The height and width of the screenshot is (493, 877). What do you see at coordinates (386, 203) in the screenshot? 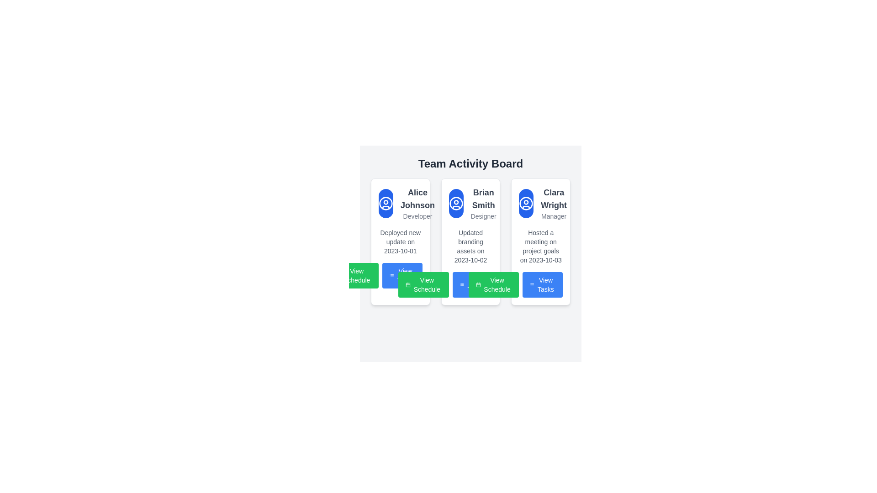
I see `the circular user icon with a blue background and white outline, located at the top left area of the card labeled 'Alice Johnson - Developer'` at bounding box center [386, 203].